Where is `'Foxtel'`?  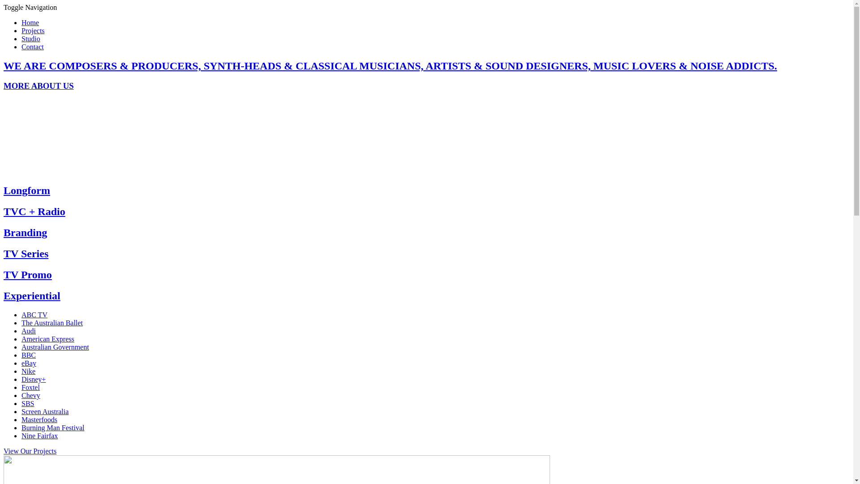
'Foxtel' is located at coordinates (30, 387).